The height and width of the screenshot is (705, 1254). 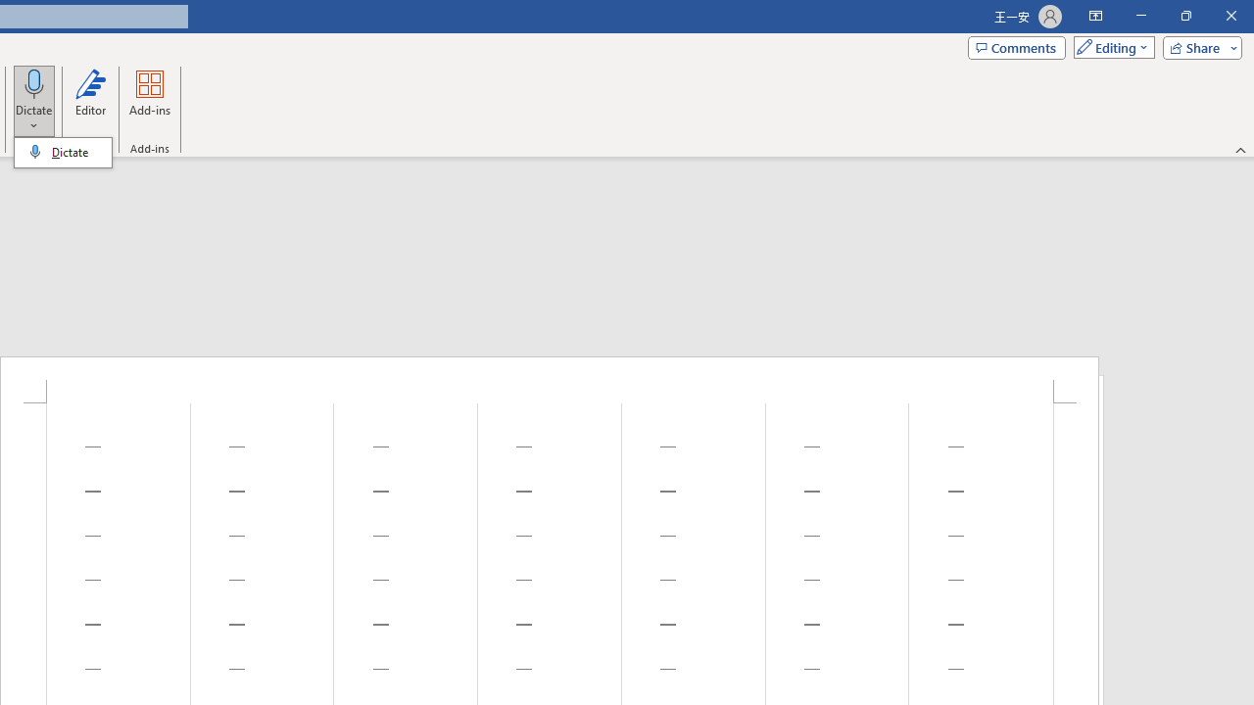 I want to click on 'Dictate', so click(x=34, y=82).